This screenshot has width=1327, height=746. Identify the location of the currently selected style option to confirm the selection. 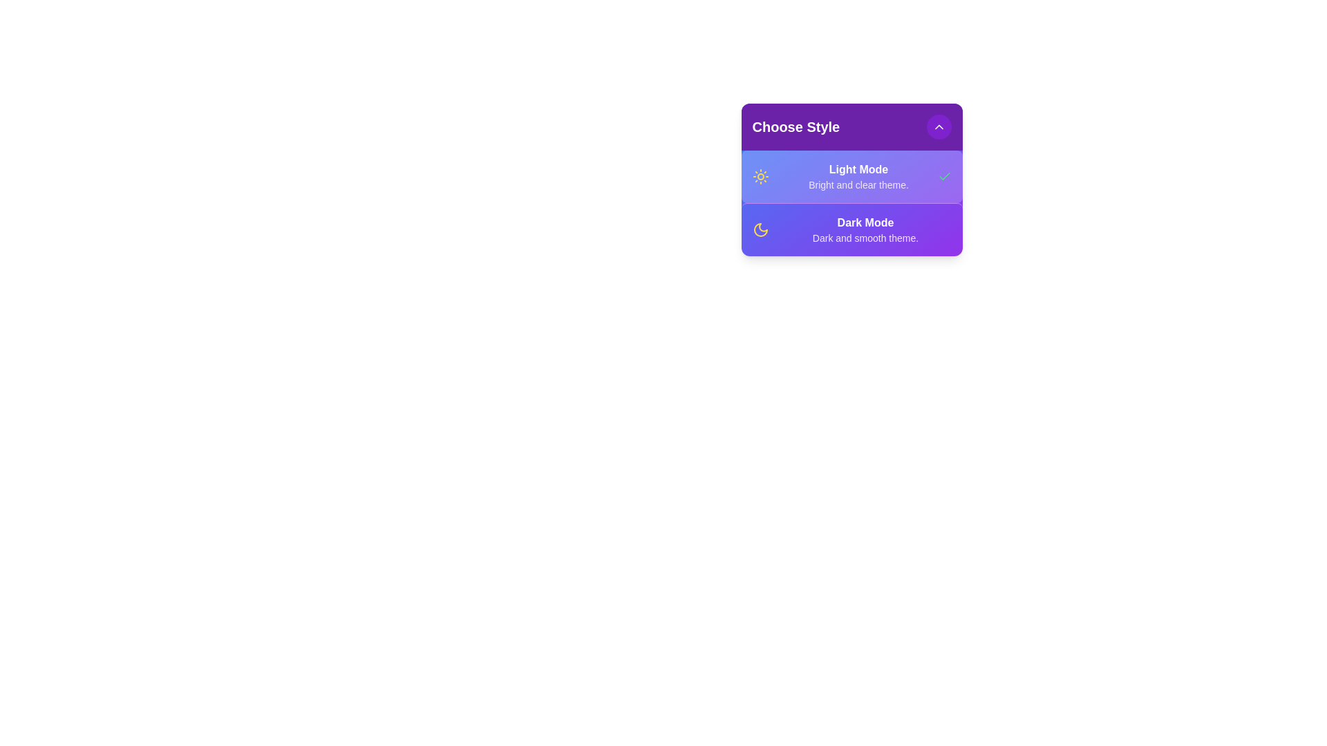
(851, 175).